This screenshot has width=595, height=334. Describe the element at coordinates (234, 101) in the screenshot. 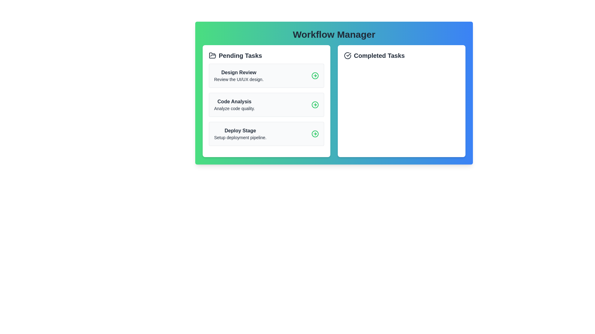

I see `the static text element that serves as a title or heading for the task related to analyzing code quality, positioned above the sibling text 'Analyze code quality.' in the 'Pending Tasks' section of the 'Workflow Manager' interface` at that location.